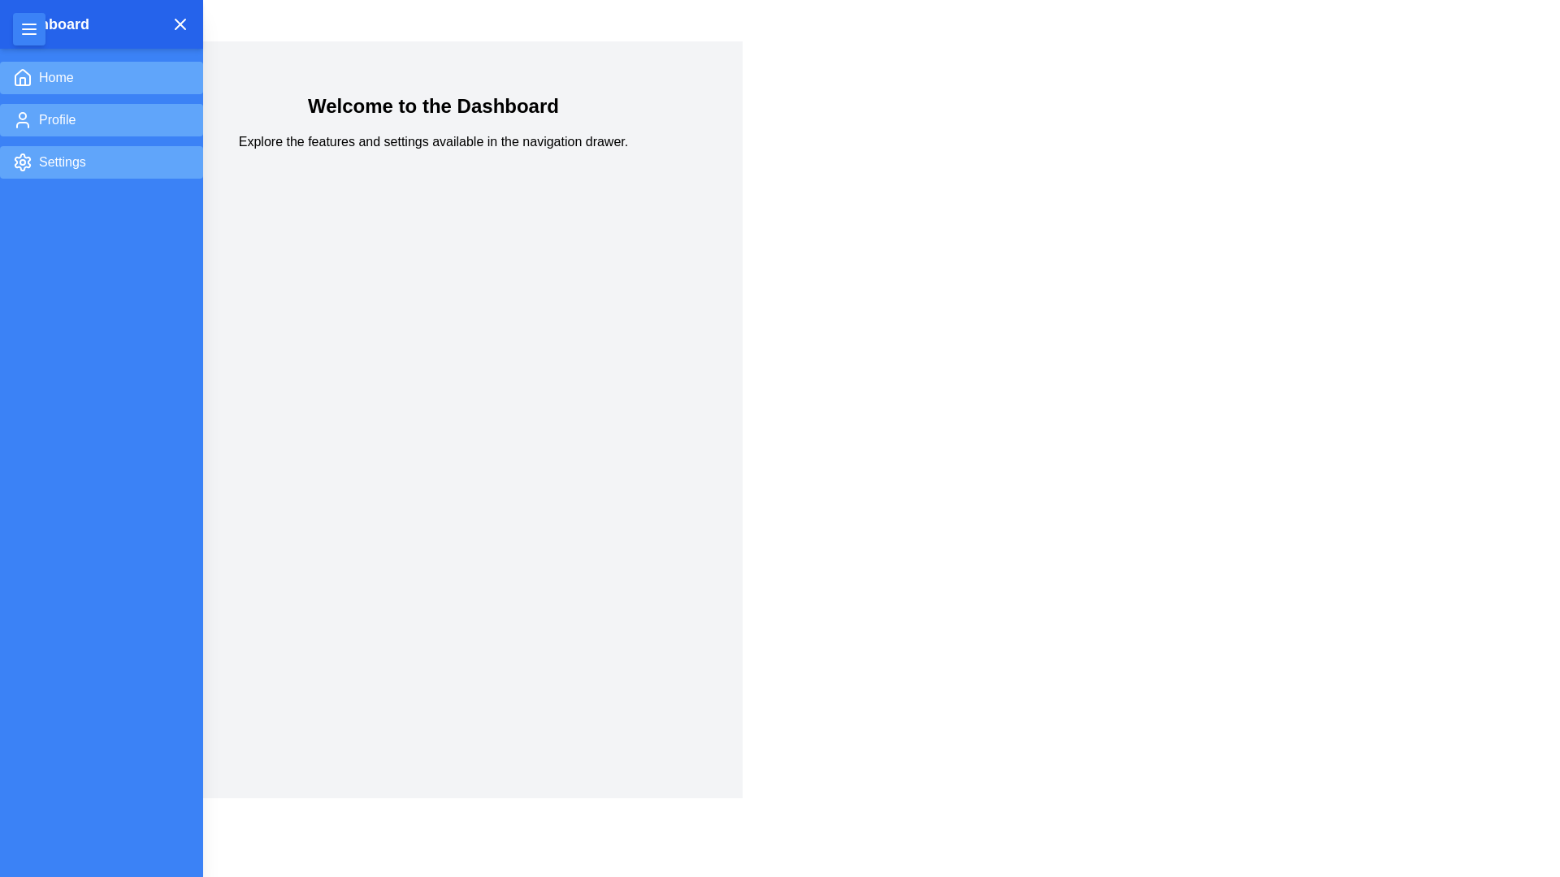  I want to click on the static instructional text located below the 'Welcome to the Dashboard' header, which spans the width of the central panel, so click(433, 140).